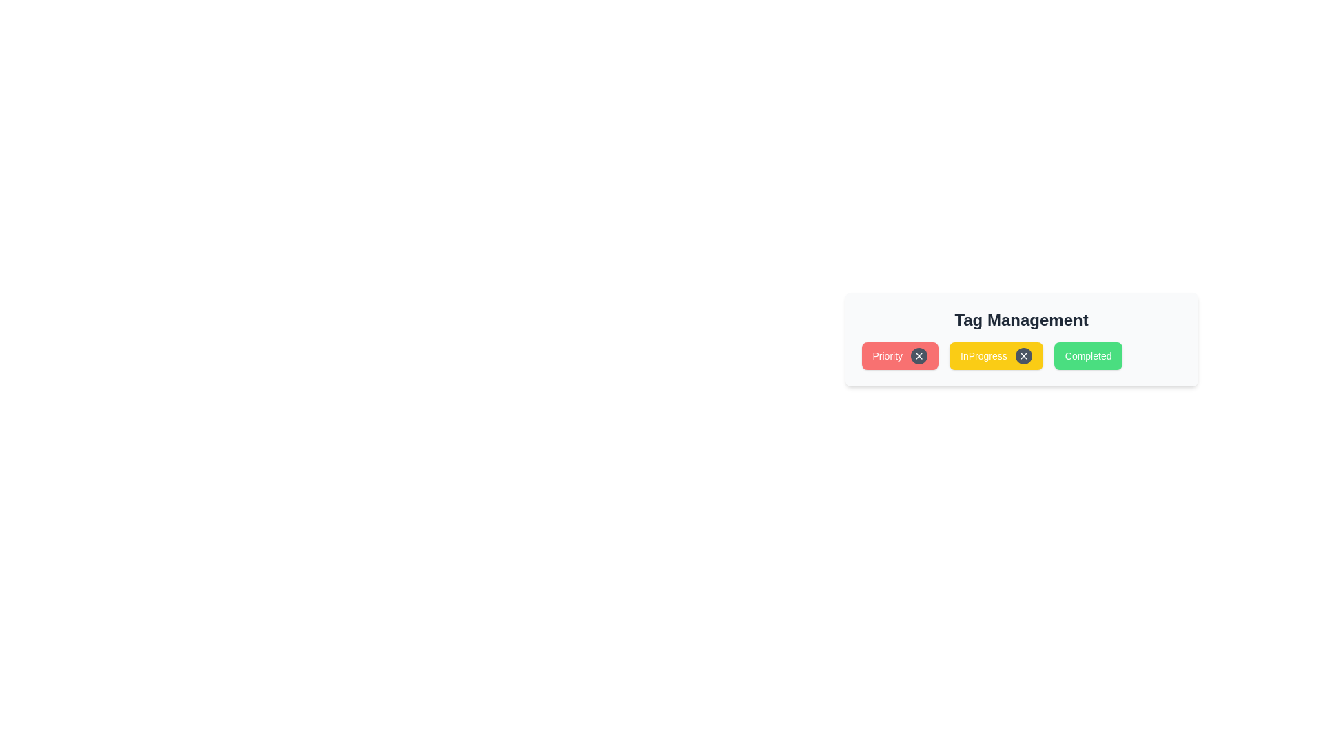 The image size is (1323, 744). What do you see at coordinates (899, 355) in the screenshot?
I see `the tag Priority` at bounding box center [899, 355].